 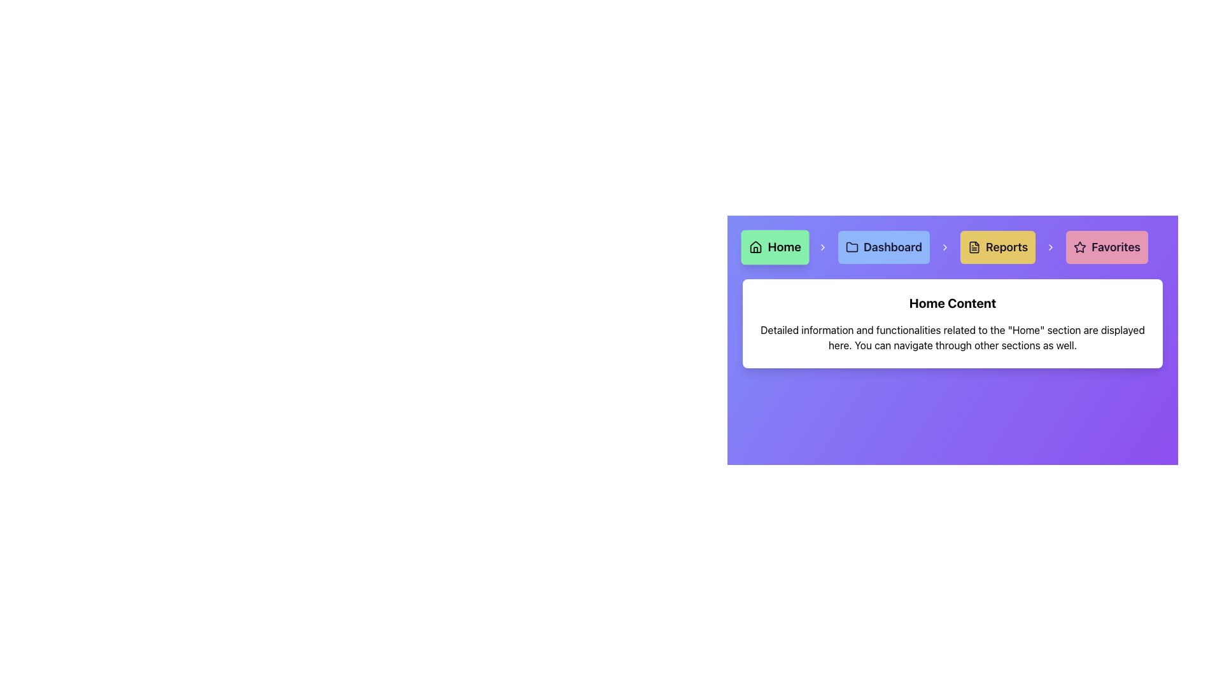 What do you see at coordinates (852, 247) in the screenshot?
I see `the folder icon located in the second navigation item, positioned between the 'Home' and 'Reports' sections` at bounding box center [852, 247].